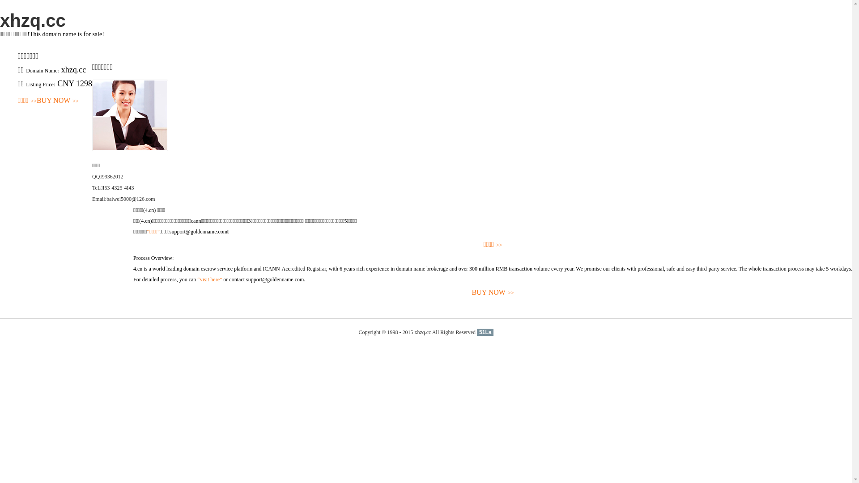 This screenshot has width=859, height=483. What do you see at coordinates (57, 101) in the screenshot?
I see `'BUY NOW>>'` at bounding box center [57, 101].